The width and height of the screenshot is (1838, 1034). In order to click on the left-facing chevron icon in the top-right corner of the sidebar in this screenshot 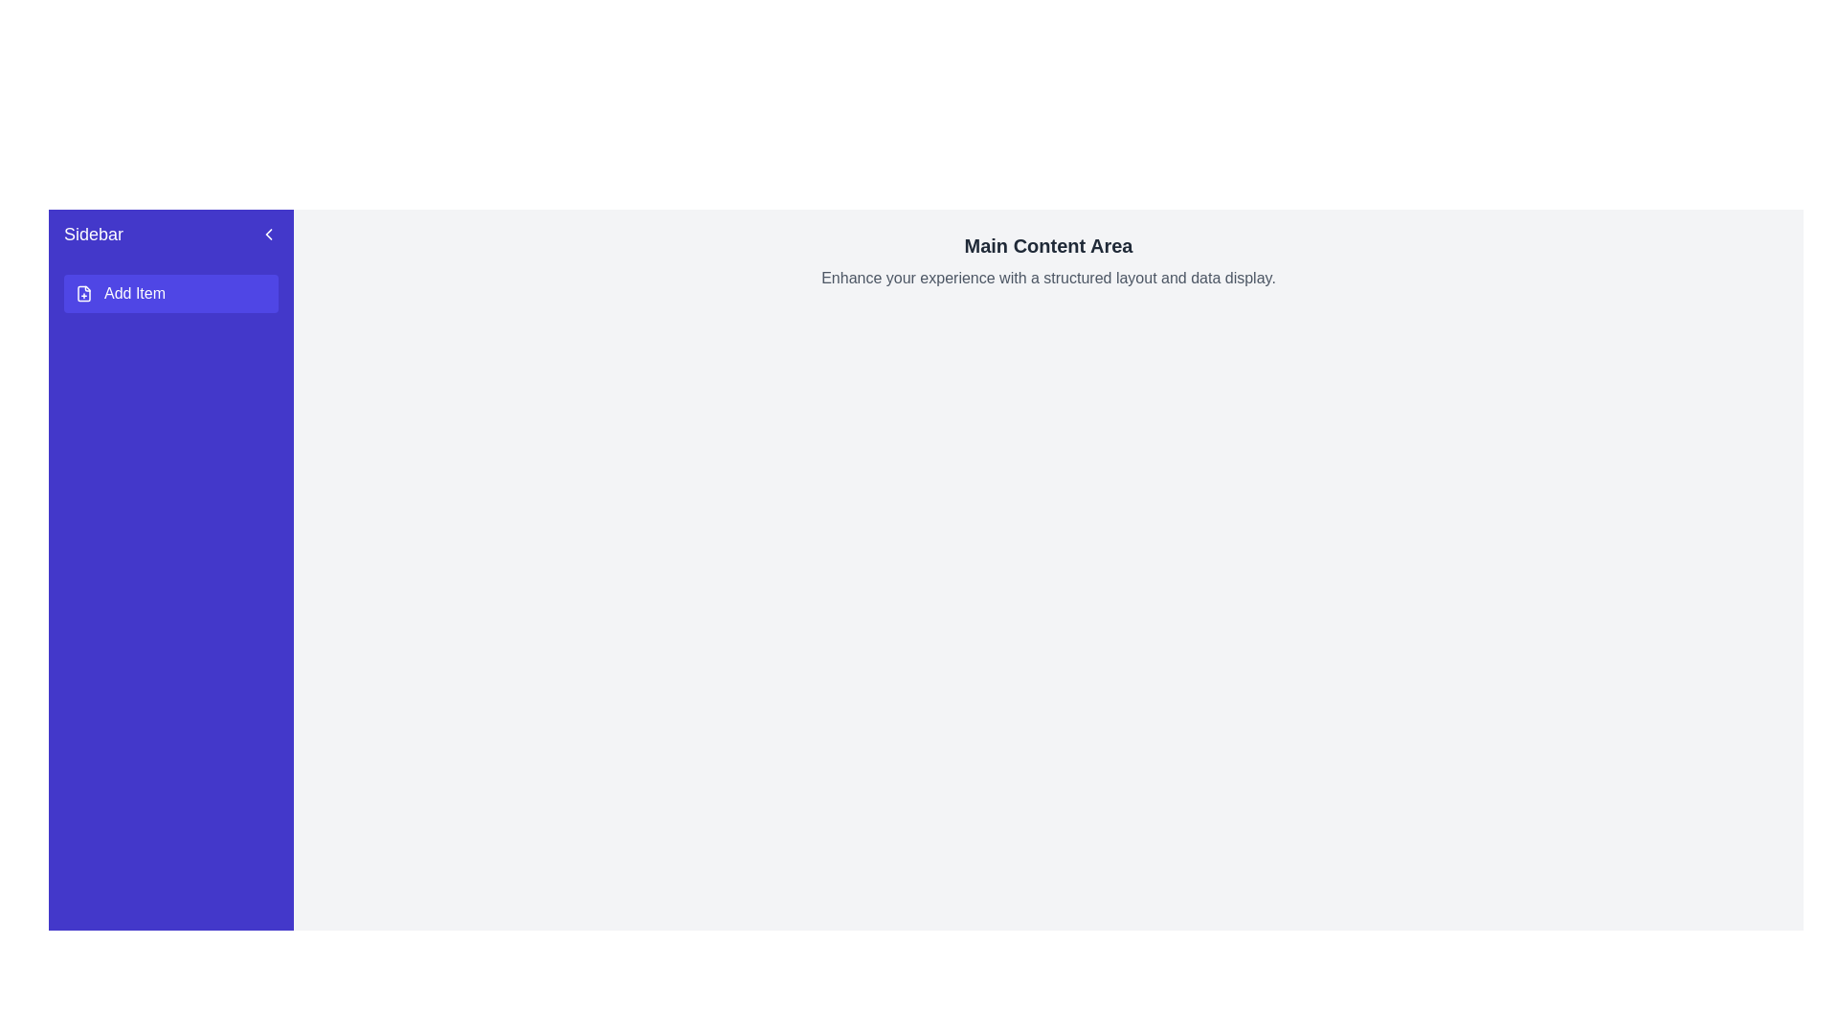, I will do `click(268, 234)`.